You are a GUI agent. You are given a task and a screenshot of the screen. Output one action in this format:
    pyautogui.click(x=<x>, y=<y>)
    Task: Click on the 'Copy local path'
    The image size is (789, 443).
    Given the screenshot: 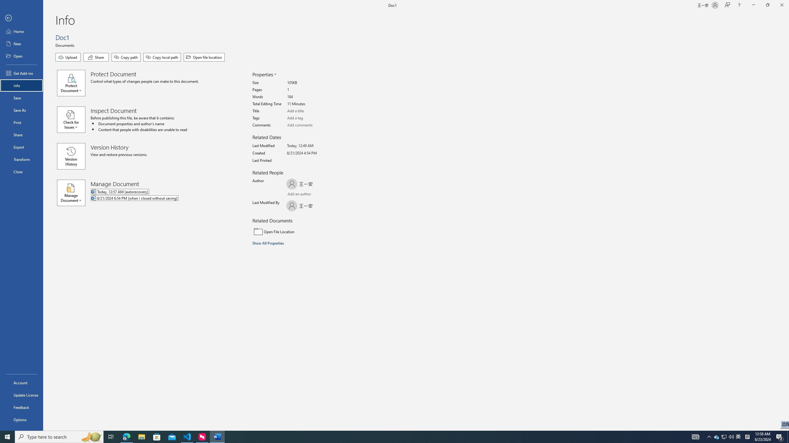 What is the action you would take?
    pyautogui.click(x=162, y=57)
    